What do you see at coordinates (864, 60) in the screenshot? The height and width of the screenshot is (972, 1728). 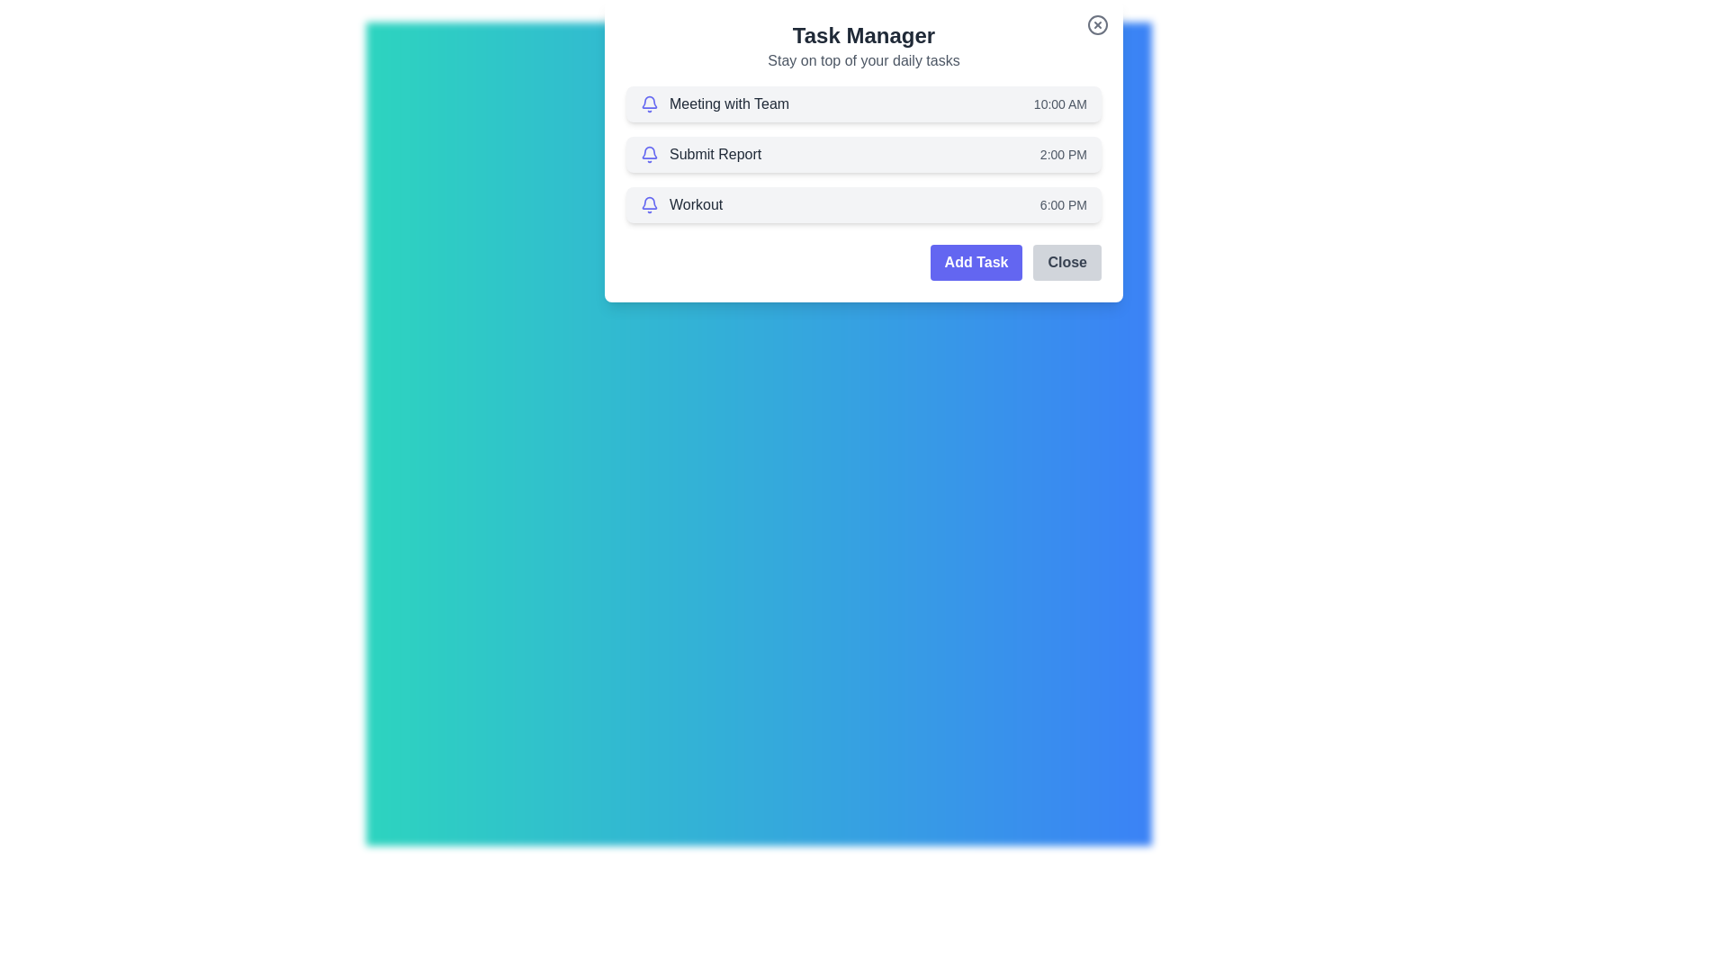 I see `the text element displaying 'Stay on top of your daily tasks' which is styled in medium gray font and positioned below the title 'Task Manager'` at bounding box center [864, 60].